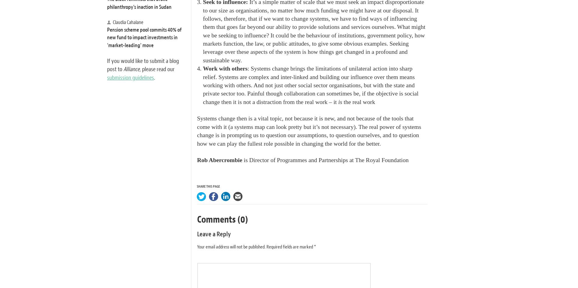 The image size is (578, 288). Describe the element at coordinates (203, 68) in the screenshot. I see `'Work with others'` at that location.